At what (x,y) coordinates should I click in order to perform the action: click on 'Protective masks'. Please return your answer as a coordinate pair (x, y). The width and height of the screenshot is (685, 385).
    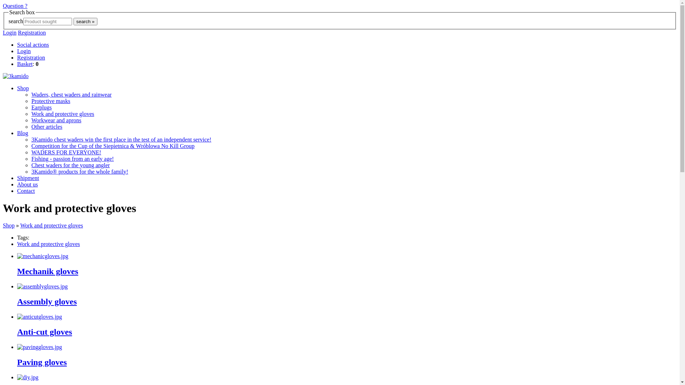
    Looking at the image, I should click on (50, 101).